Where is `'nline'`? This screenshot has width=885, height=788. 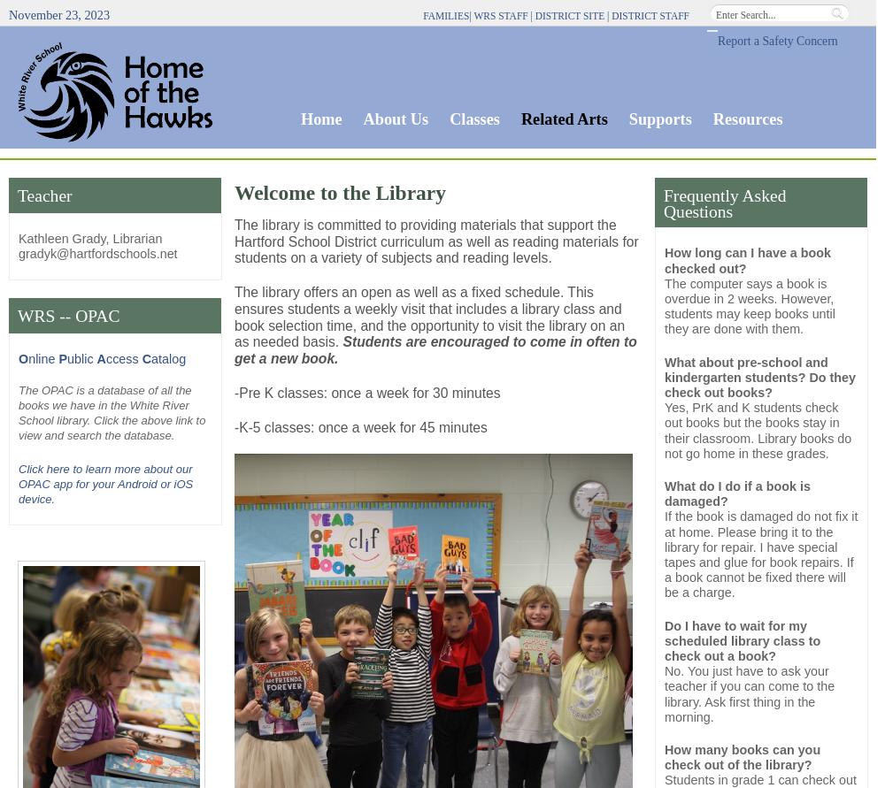
'nline' is located at coordinates (28, 359).